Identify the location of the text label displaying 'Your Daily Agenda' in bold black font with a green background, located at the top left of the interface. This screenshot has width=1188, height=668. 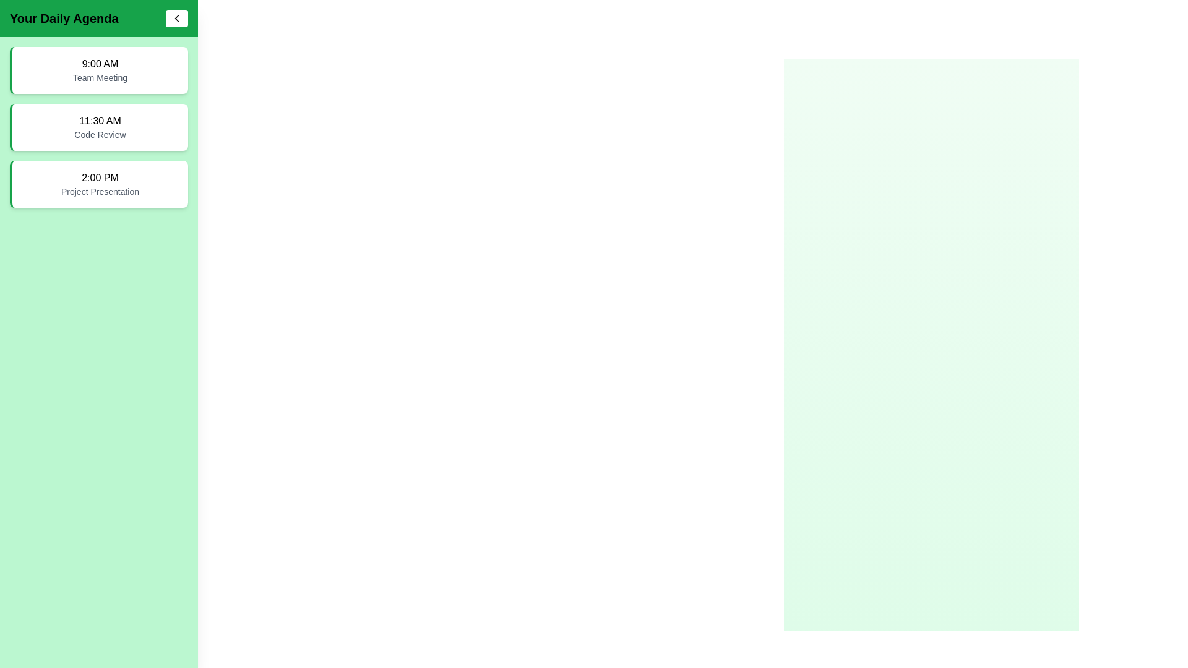
(63, 19).